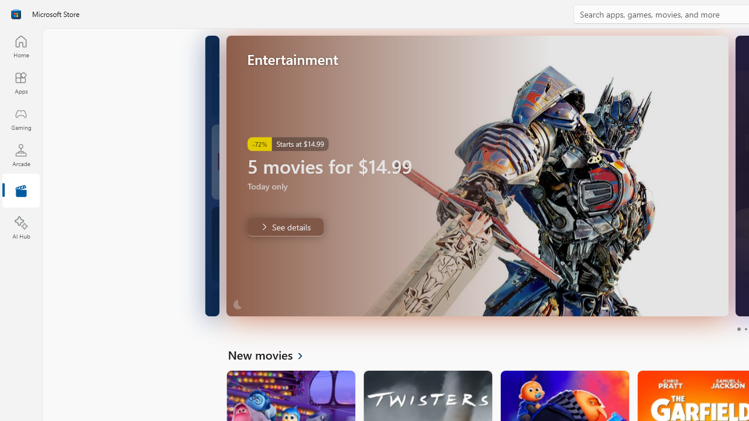 The width and height of the screenshot is (749, 421). I want to click on 'Apps', so click(20, 82).